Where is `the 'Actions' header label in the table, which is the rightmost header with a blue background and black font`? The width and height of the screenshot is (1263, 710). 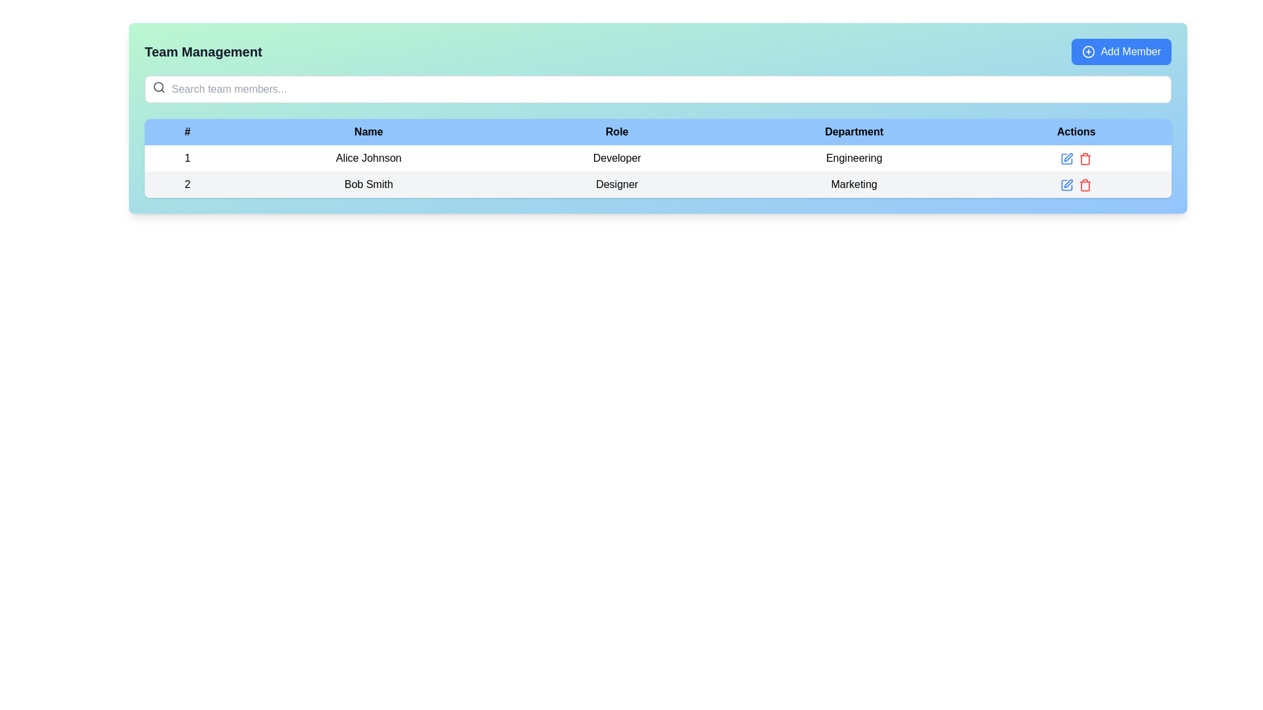 the 'Actions' header label in the table, which is the rightmost header with a blue background and black font is located at coordinates (1076, 131).